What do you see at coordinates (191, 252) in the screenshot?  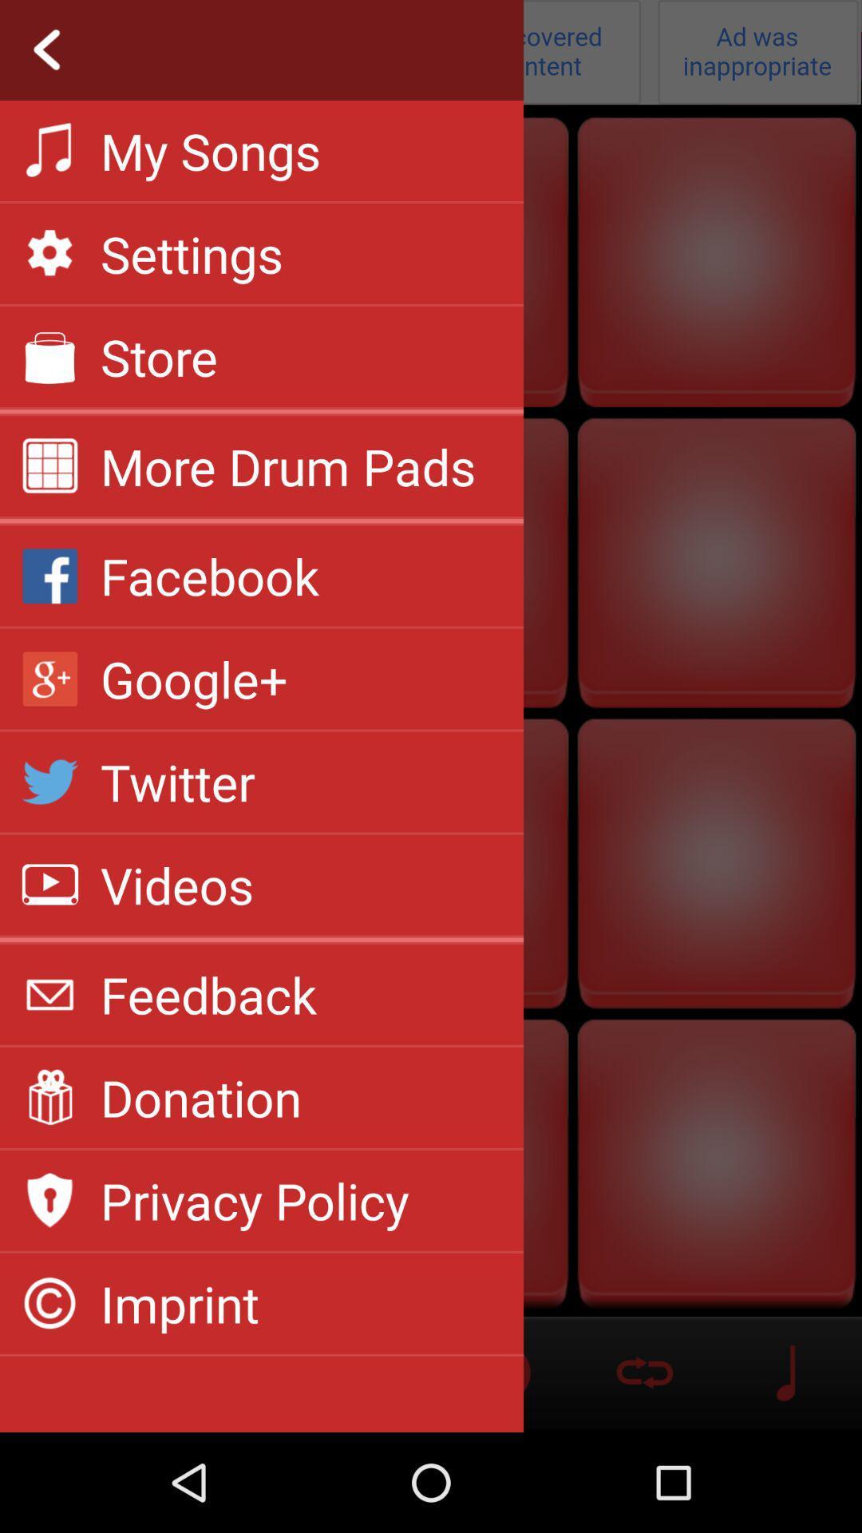 I see `app below the my songs icon` at bounding box center [191, 252].